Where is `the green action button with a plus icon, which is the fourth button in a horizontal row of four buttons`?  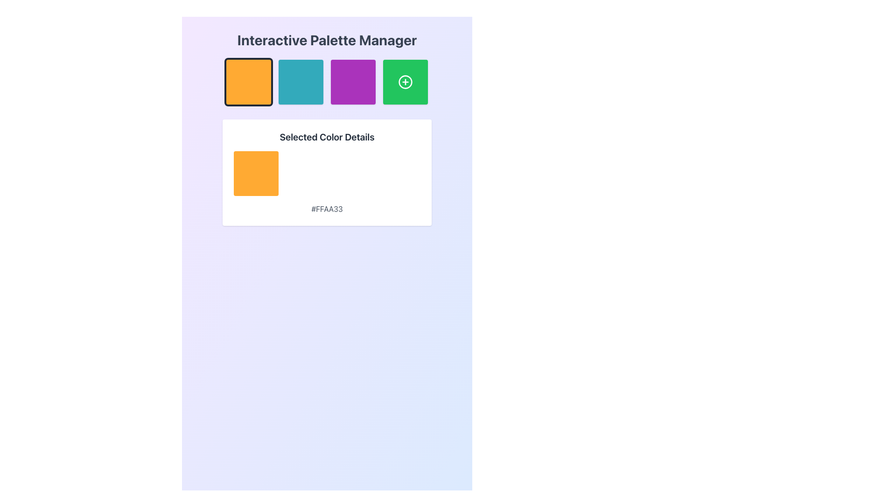
the green action button with a plus icon, which is the fourth button in a horizontal row of four buttons is located at coordinates (405, 82).